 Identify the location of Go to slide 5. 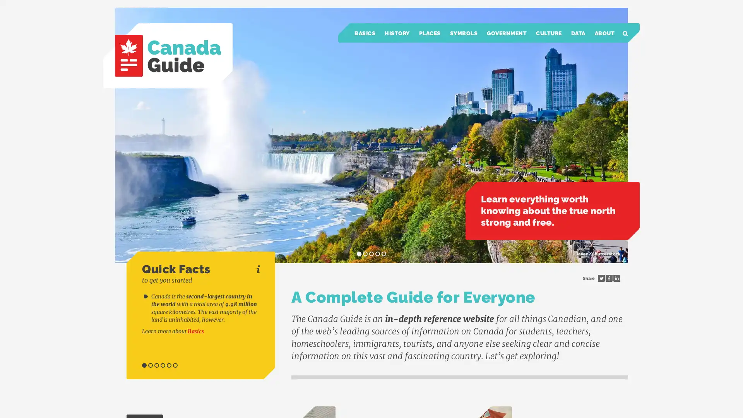
(168, 365).